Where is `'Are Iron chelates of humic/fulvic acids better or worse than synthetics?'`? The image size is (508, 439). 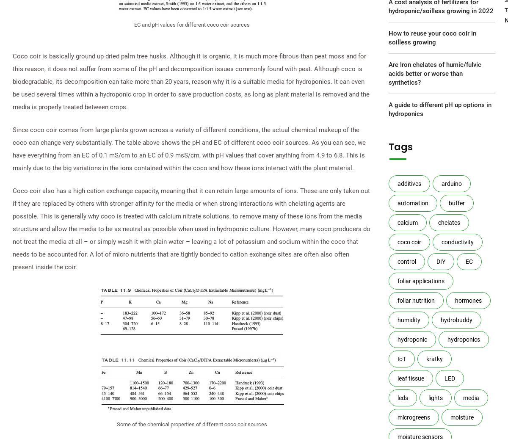
'Are Iron chelates of humic/fulvic acids better or worse than synthetics?' is located at coordinates (434, 73).